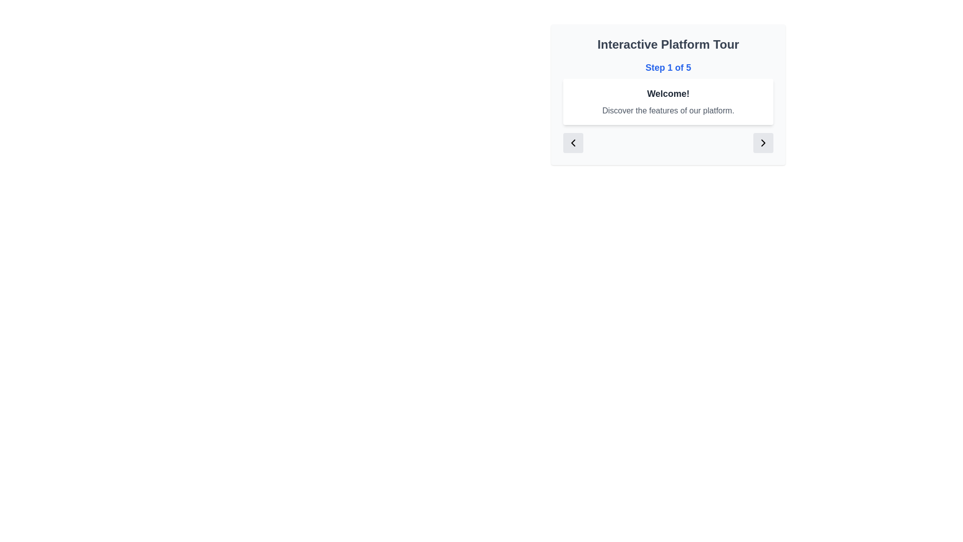 This screenshot has height=542, width=963. I want to click on the navigation button with an icon located at the right end of the row, next to the 'Interactive Platform Tour' text card, so click(762, 143).